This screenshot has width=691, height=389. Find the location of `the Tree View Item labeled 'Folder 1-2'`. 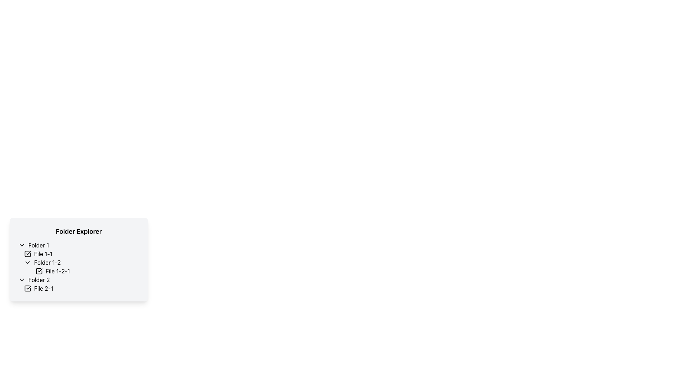

the Tree View Item labeled 'Folder 1-2' is located at coordinates (79, 267).